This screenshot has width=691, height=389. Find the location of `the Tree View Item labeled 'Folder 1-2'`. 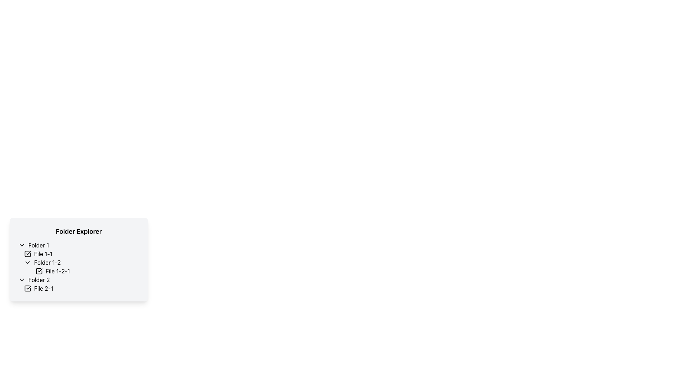

the Tree View Item labeled 'Folder 1-2' is located at coordinates (79, 267).